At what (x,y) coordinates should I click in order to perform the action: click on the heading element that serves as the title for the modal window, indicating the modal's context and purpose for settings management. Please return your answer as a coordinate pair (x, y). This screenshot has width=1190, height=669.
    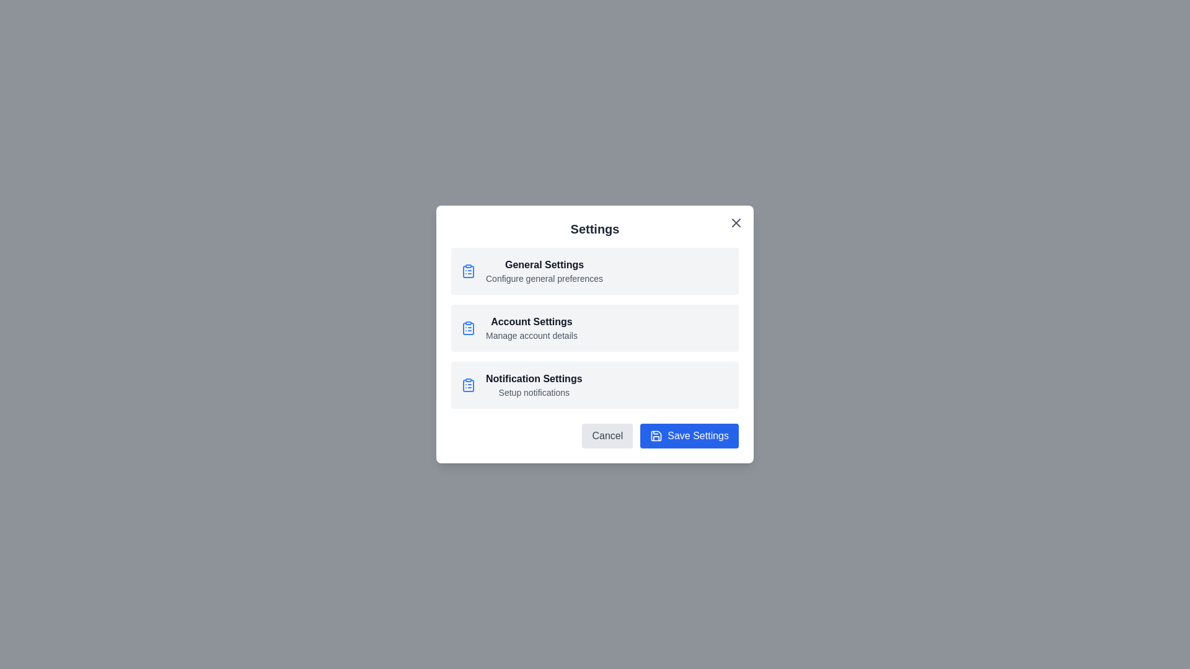
    Looking at the image, I should click on (595, 229).